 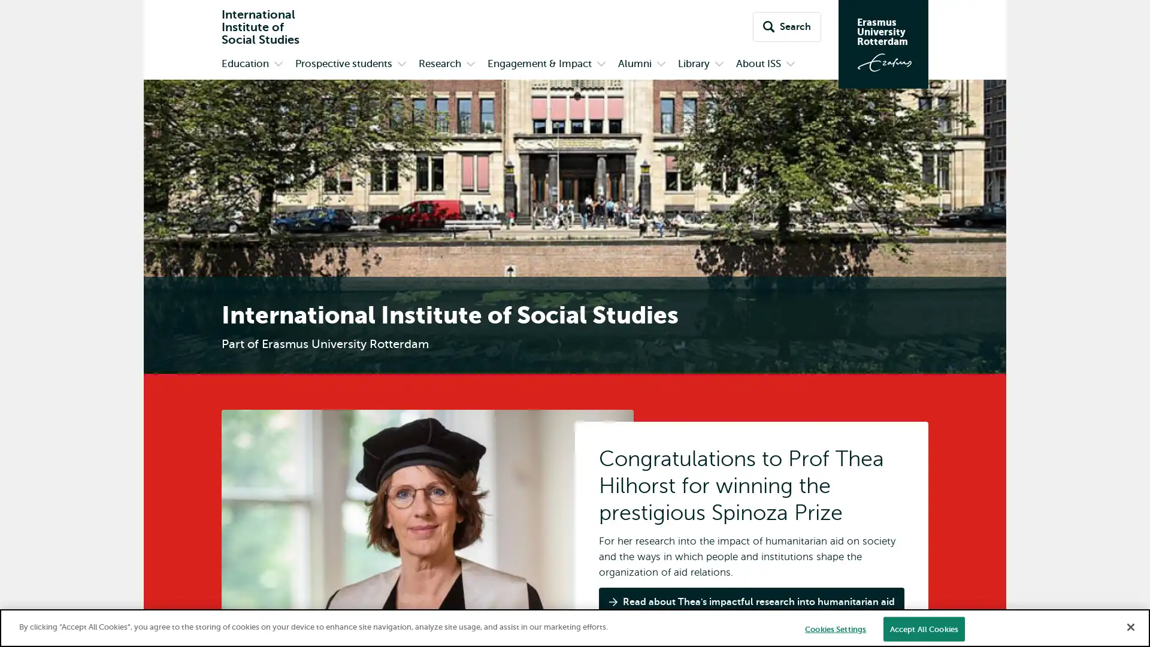 What do you see at coordinates (470, 65) in the screenshot?
I see `Open submenu` at bounding box center [470, 65].